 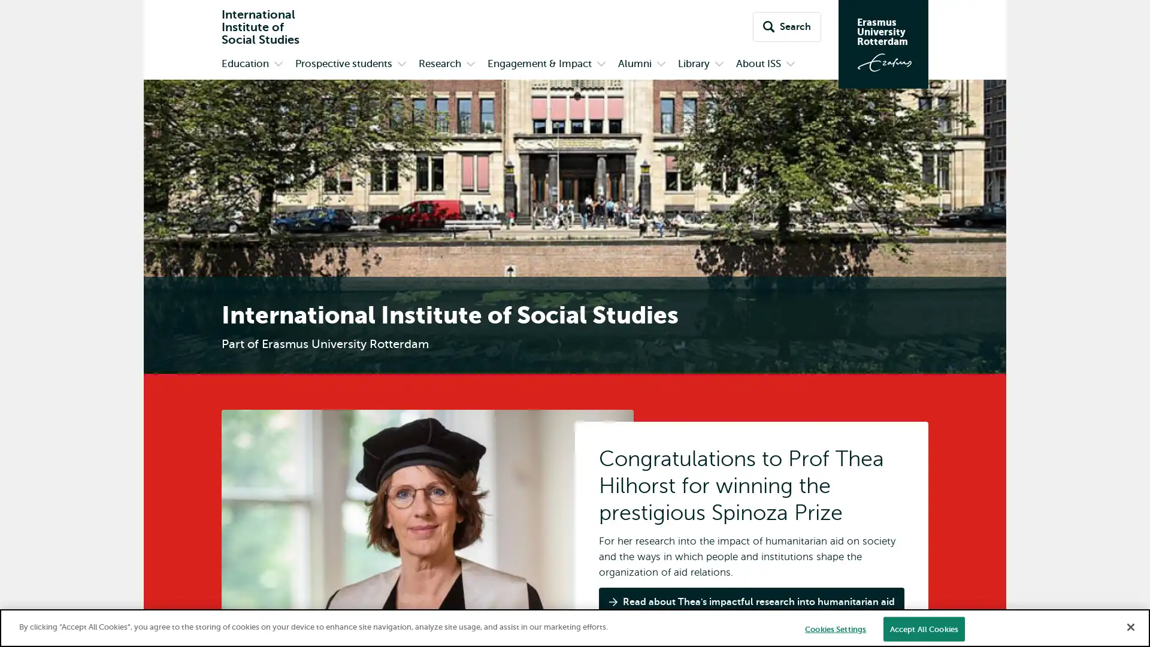 What do you see at coordinates (470, 65) in the screenshot?
I see `Open submenu` at bounding box center [470, 65].